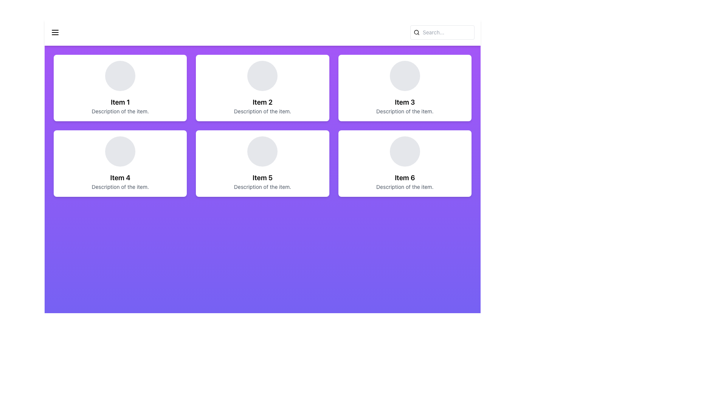  I want to click on the text element stating 'Description of the item.', which is positioned below the 'Item 5' heading in the second row, second column card of a 2x3 grid layout, so click(262, 187).